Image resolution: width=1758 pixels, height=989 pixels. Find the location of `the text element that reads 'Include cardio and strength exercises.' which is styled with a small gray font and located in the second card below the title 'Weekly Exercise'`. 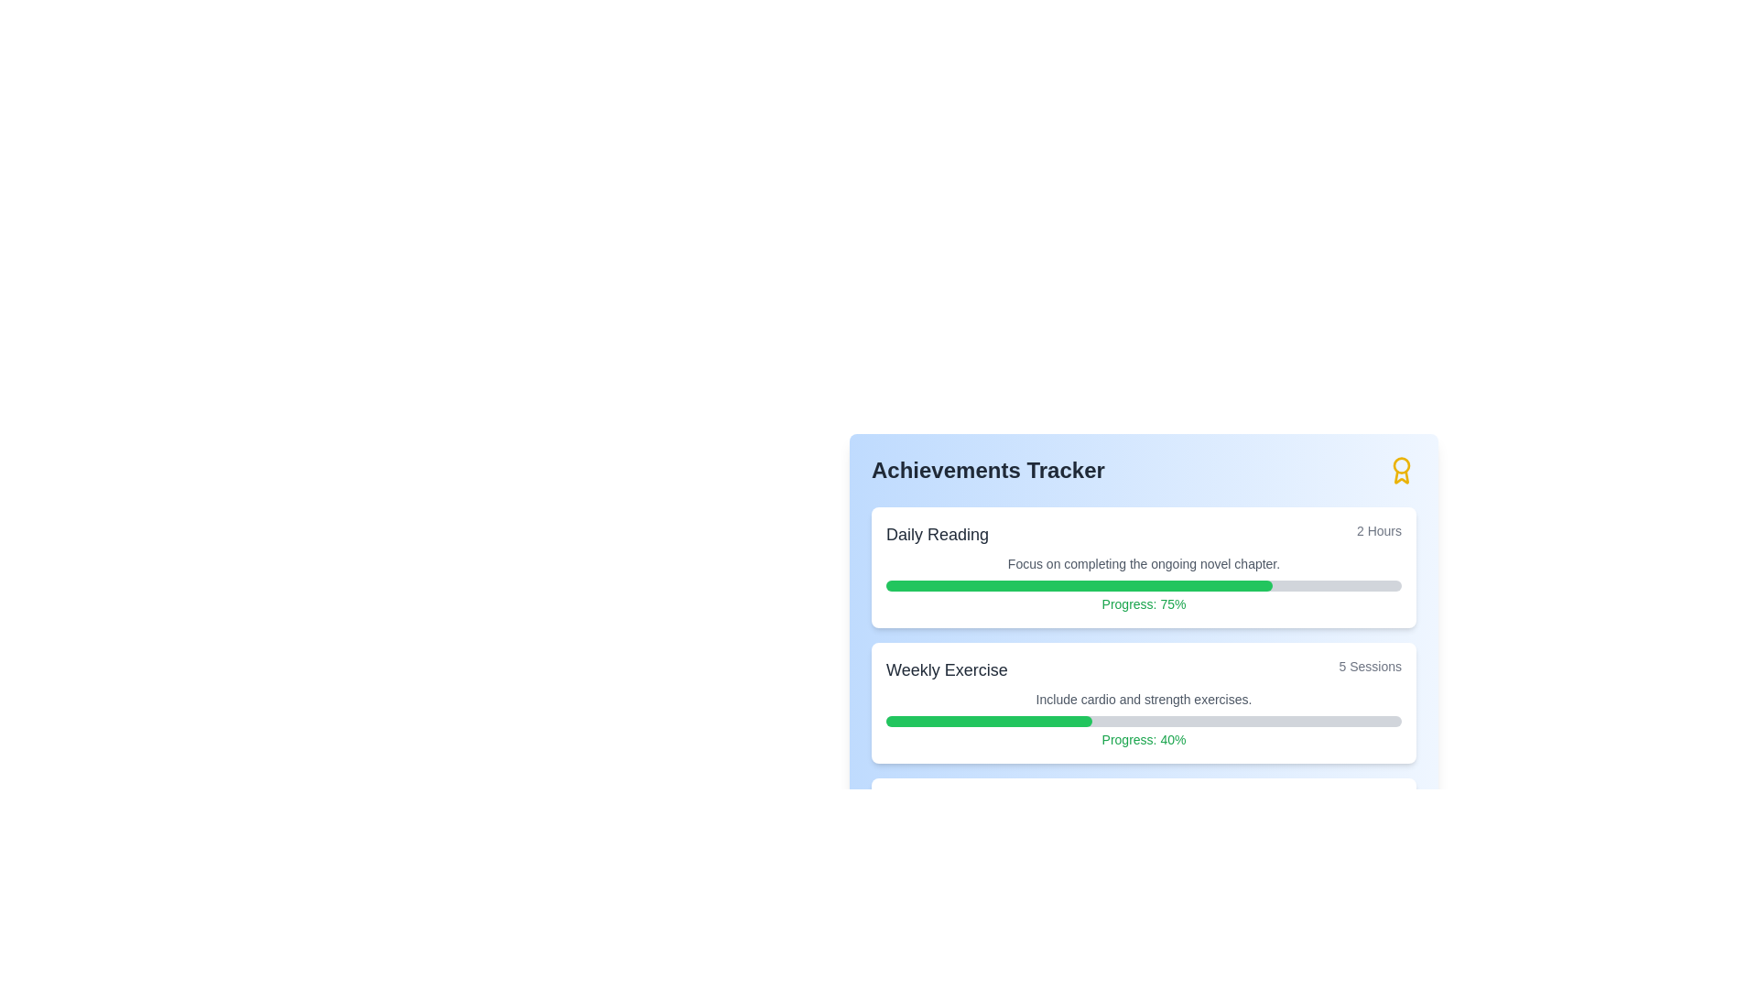

the text element that reads 'Include cardio and strength exercises.' which is styled with a small gray font and located in the second card below the title 'Weekly Exercise' is located at coordinates (1143, 699).